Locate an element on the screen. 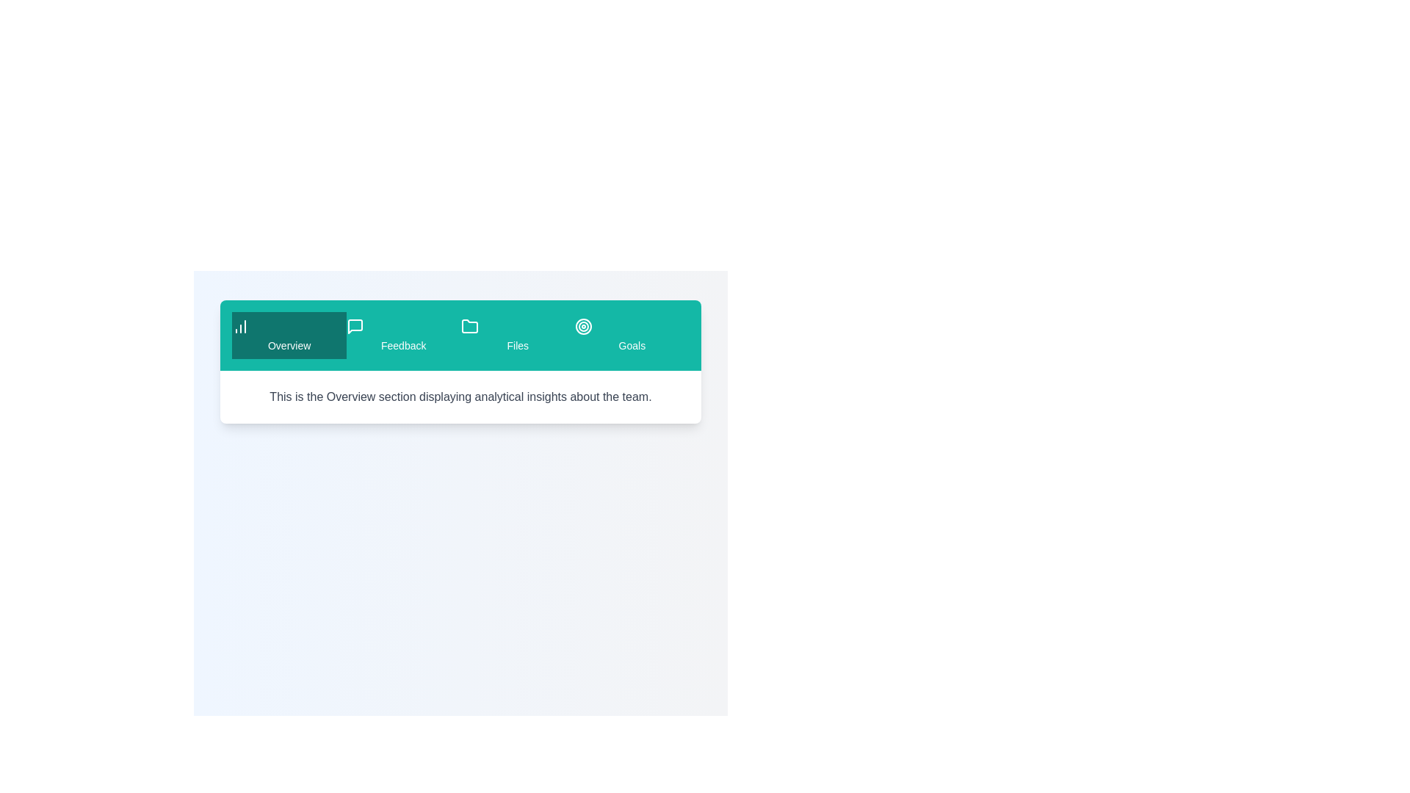 This screenshot has width=1410, height=793. the Feedback tab to switch to its content is located at coordinates (402, 335).